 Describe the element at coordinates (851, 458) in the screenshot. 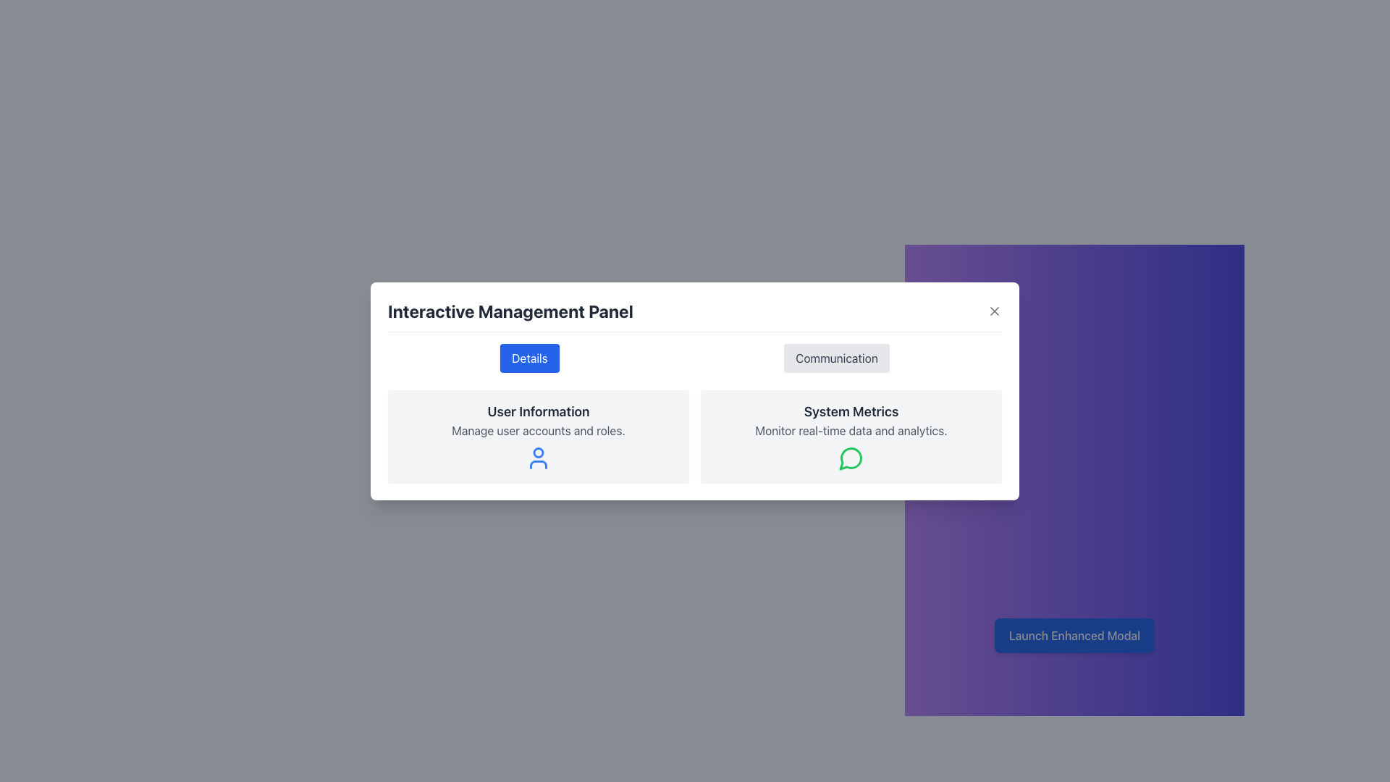

I see `the icon that visually represents the 'System Metrics' section, located at the center of the section within the modal dialog interface` at that location.